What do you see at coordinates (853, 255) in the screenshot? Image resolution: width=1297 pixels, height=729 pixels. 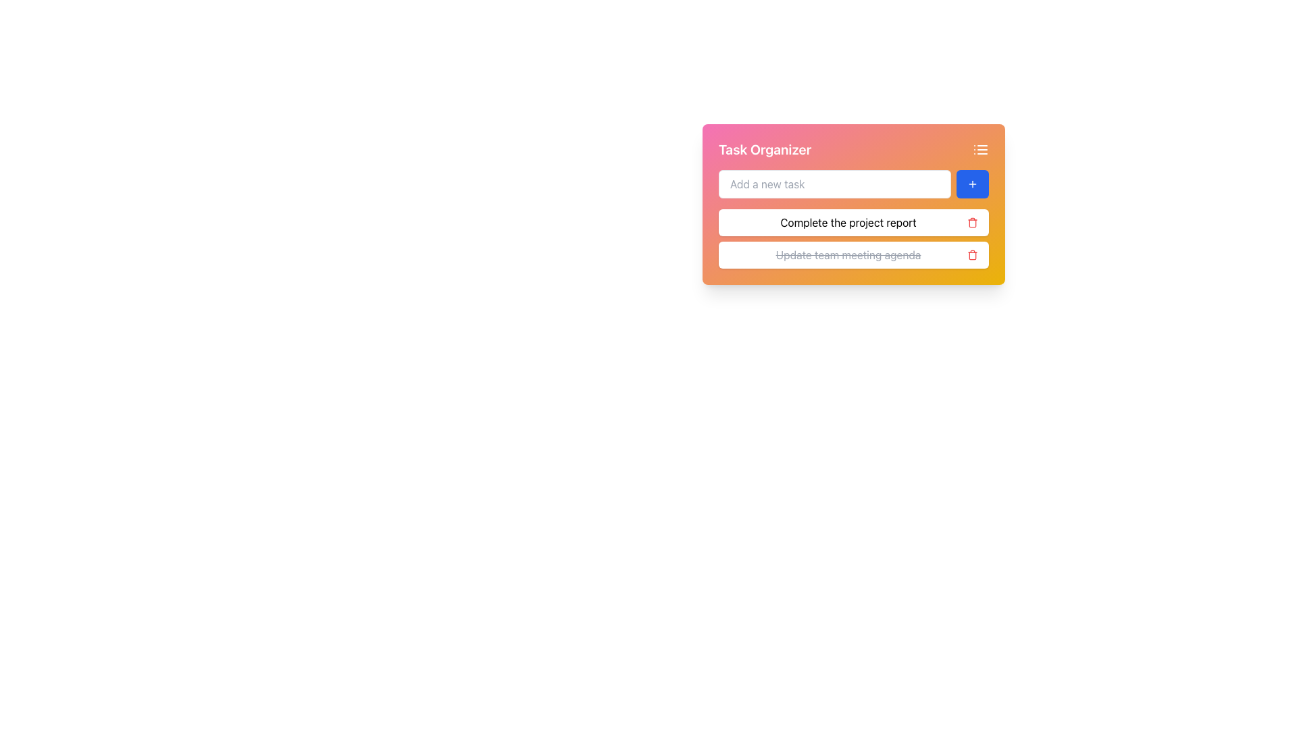 I see `task description of the second completed task in the to-do list, located in the center-right area of the application interface` at bounding box center [853, 255].